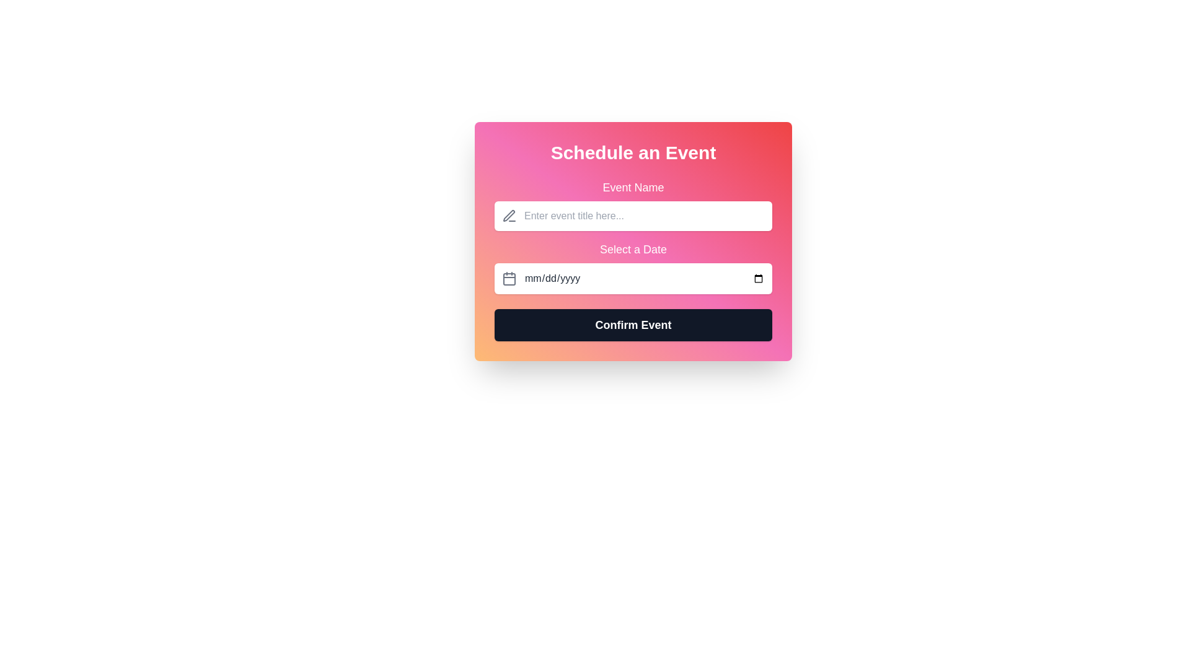 This screenshot has height=669, width=1190. Describe the element at coordinates (633, 324) in the screenshot. I see `the confirmation button for scheduling an event located at the bottom of the 'Schedule an Event' dialog box, immediately following the 'Select a Date' input field` at that location.